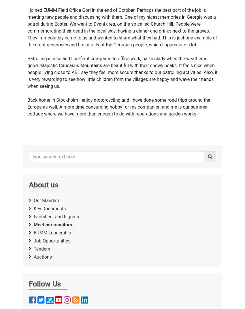  What do you see at coordinates (118, 107) in the screenshot?
I see `'Back home in Stockholm I enjoy motorcycling and I have done some 
road trips around the Europe as well. A more time-consuming hobby for my
 companion and me is our summer cottage where we have more than enough 
to do with reparations and garden works.'` at bounding box center [118, 107].